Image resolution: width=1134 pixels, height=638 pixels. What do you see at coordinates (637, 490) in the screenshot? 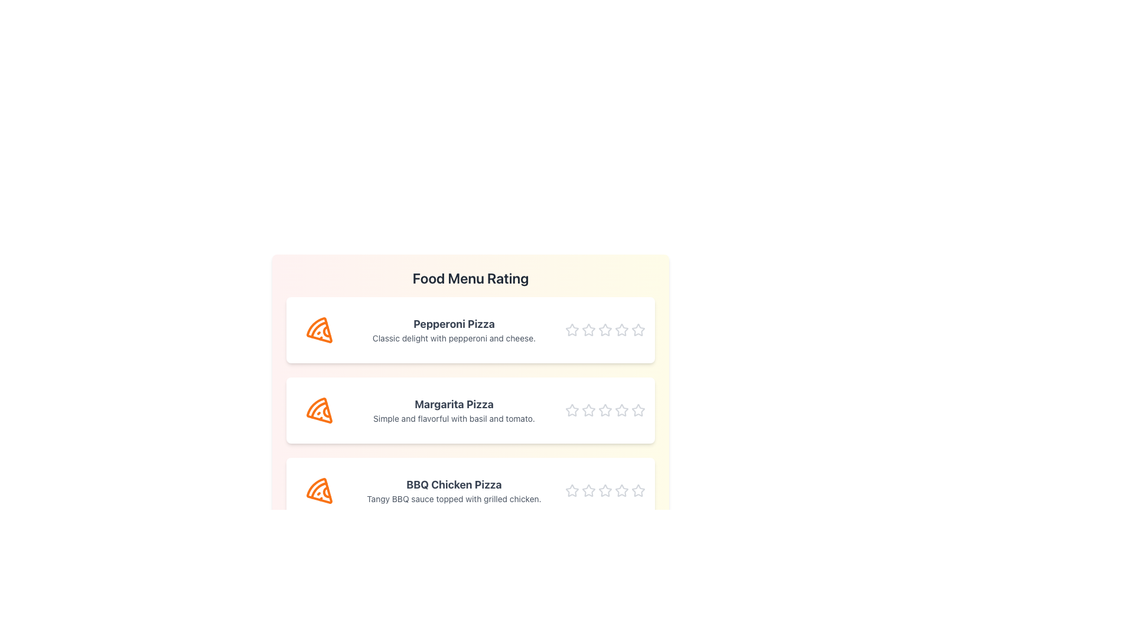
I see `the fifth star button in the rating scale for 'BBQ Chicken Pizza' in the 'Food Menu Rating' section to observe its interactive response` at bounding box center [637, 490].